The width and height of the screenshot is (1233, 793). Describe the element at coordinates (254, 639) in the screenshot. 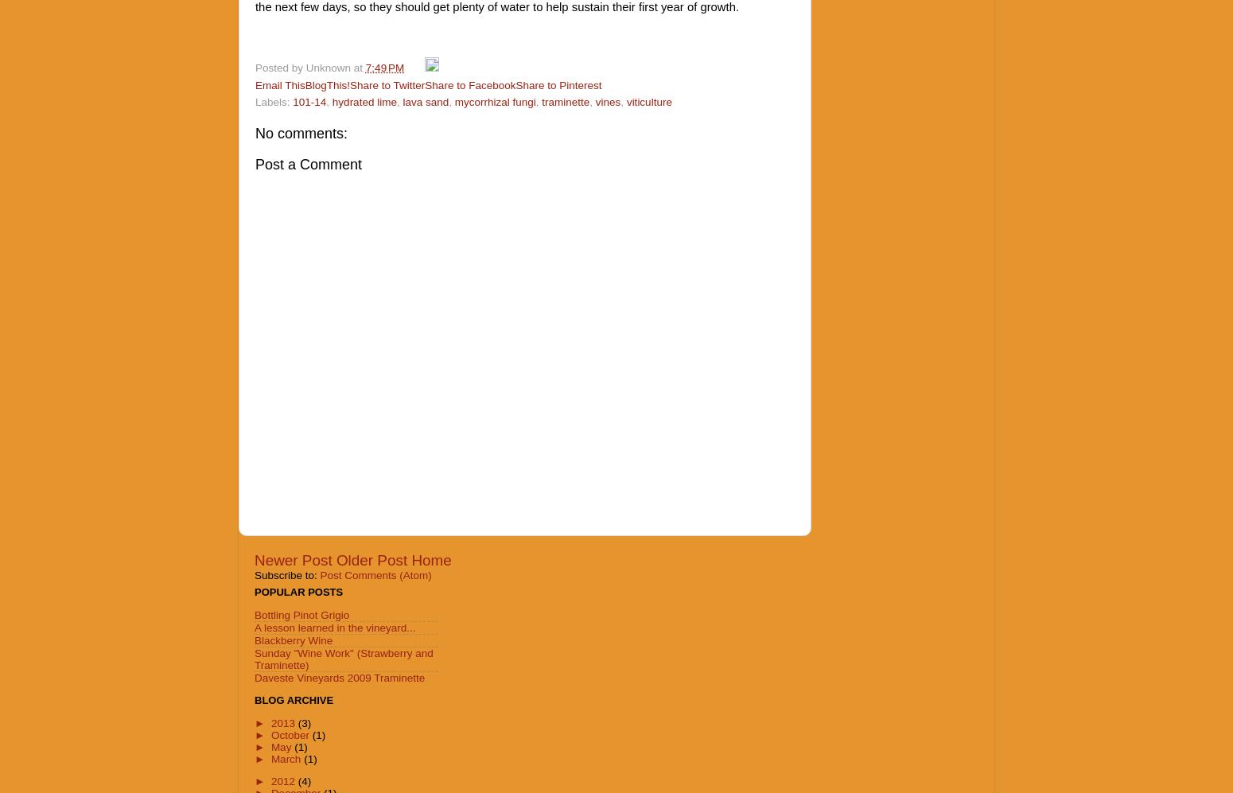

I see `'Blackberry Wine'` at that location.